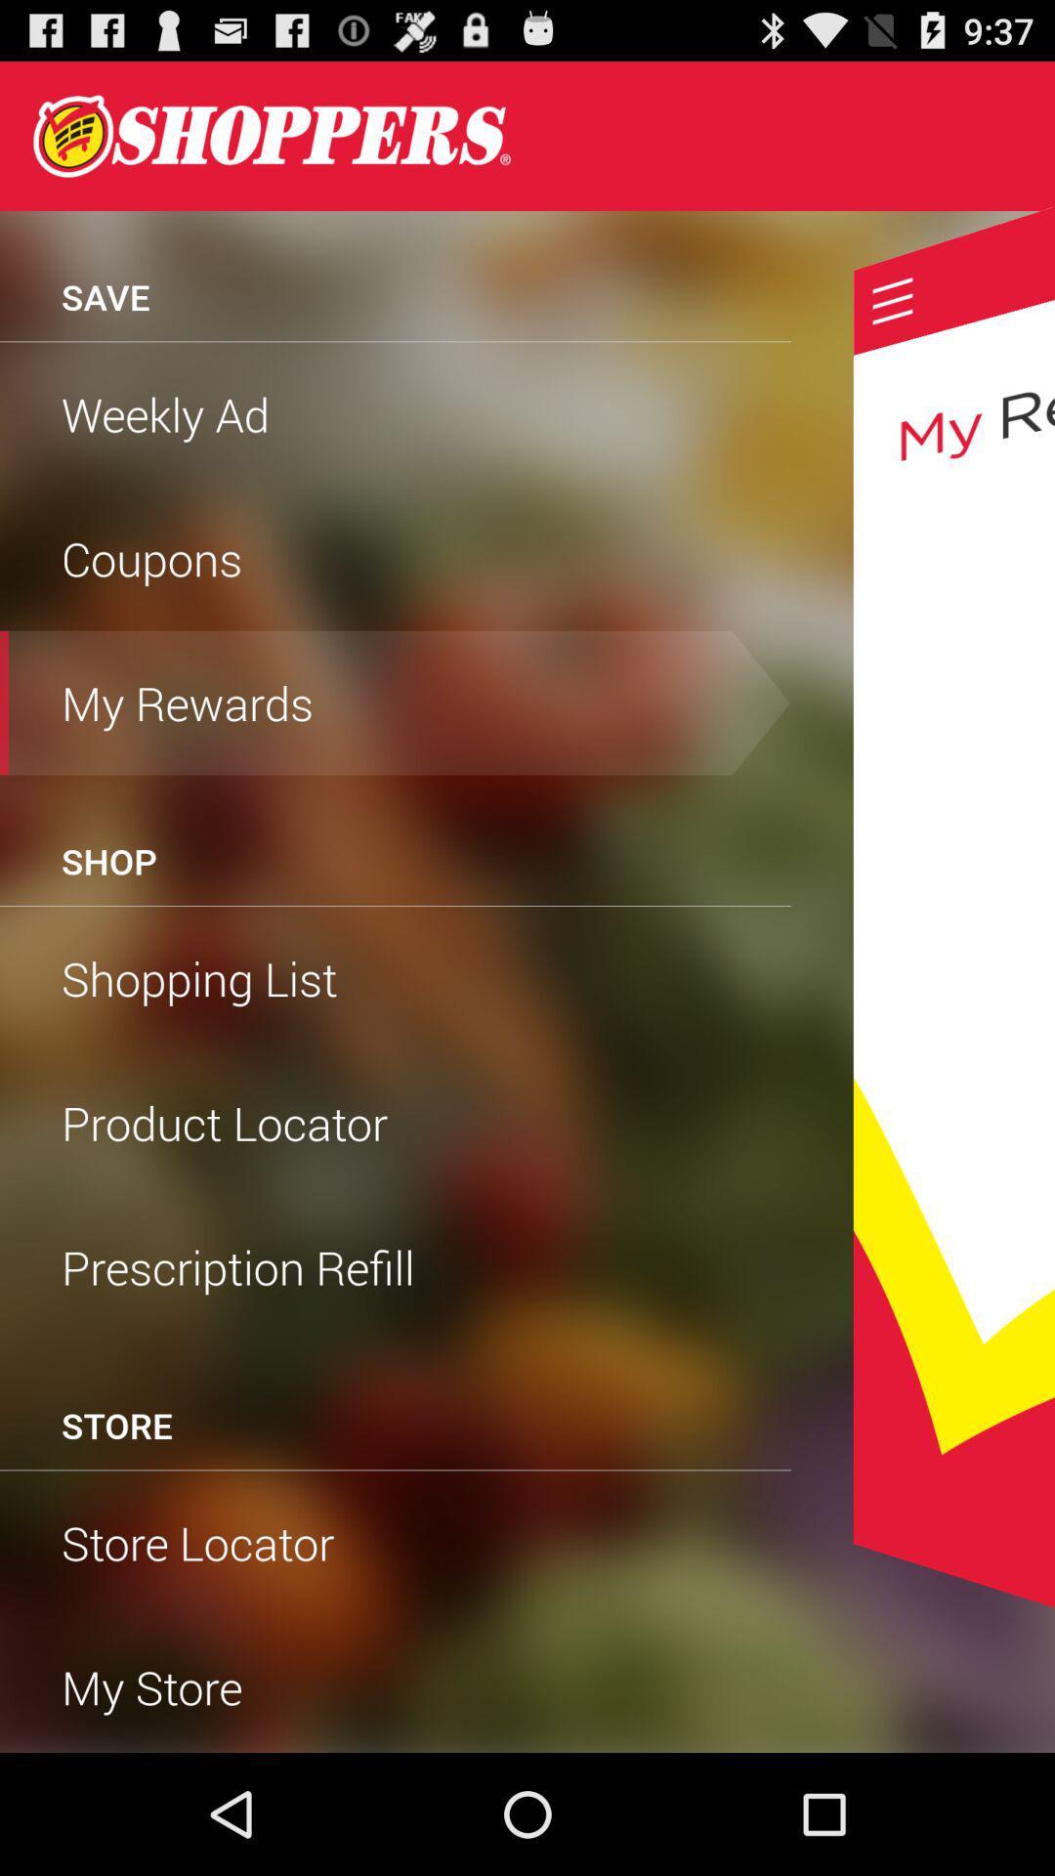 The height and width of the screenshot is (1876, 1055). What do you see at coordinates (893, 299) in the screenshot?
I see `menu bar` at bounding box center [893, 299].